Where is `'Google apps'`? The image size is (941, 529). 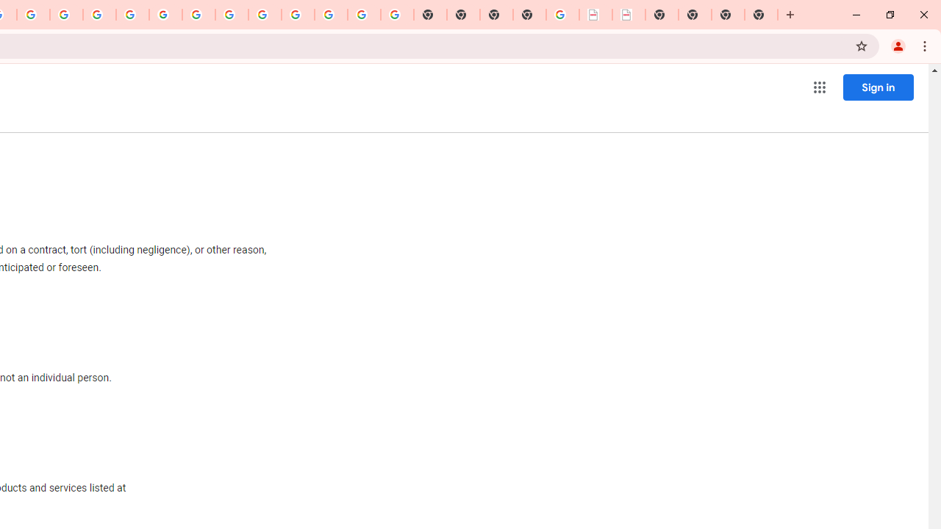
'Google apps' is located at coordinates (818, 87).